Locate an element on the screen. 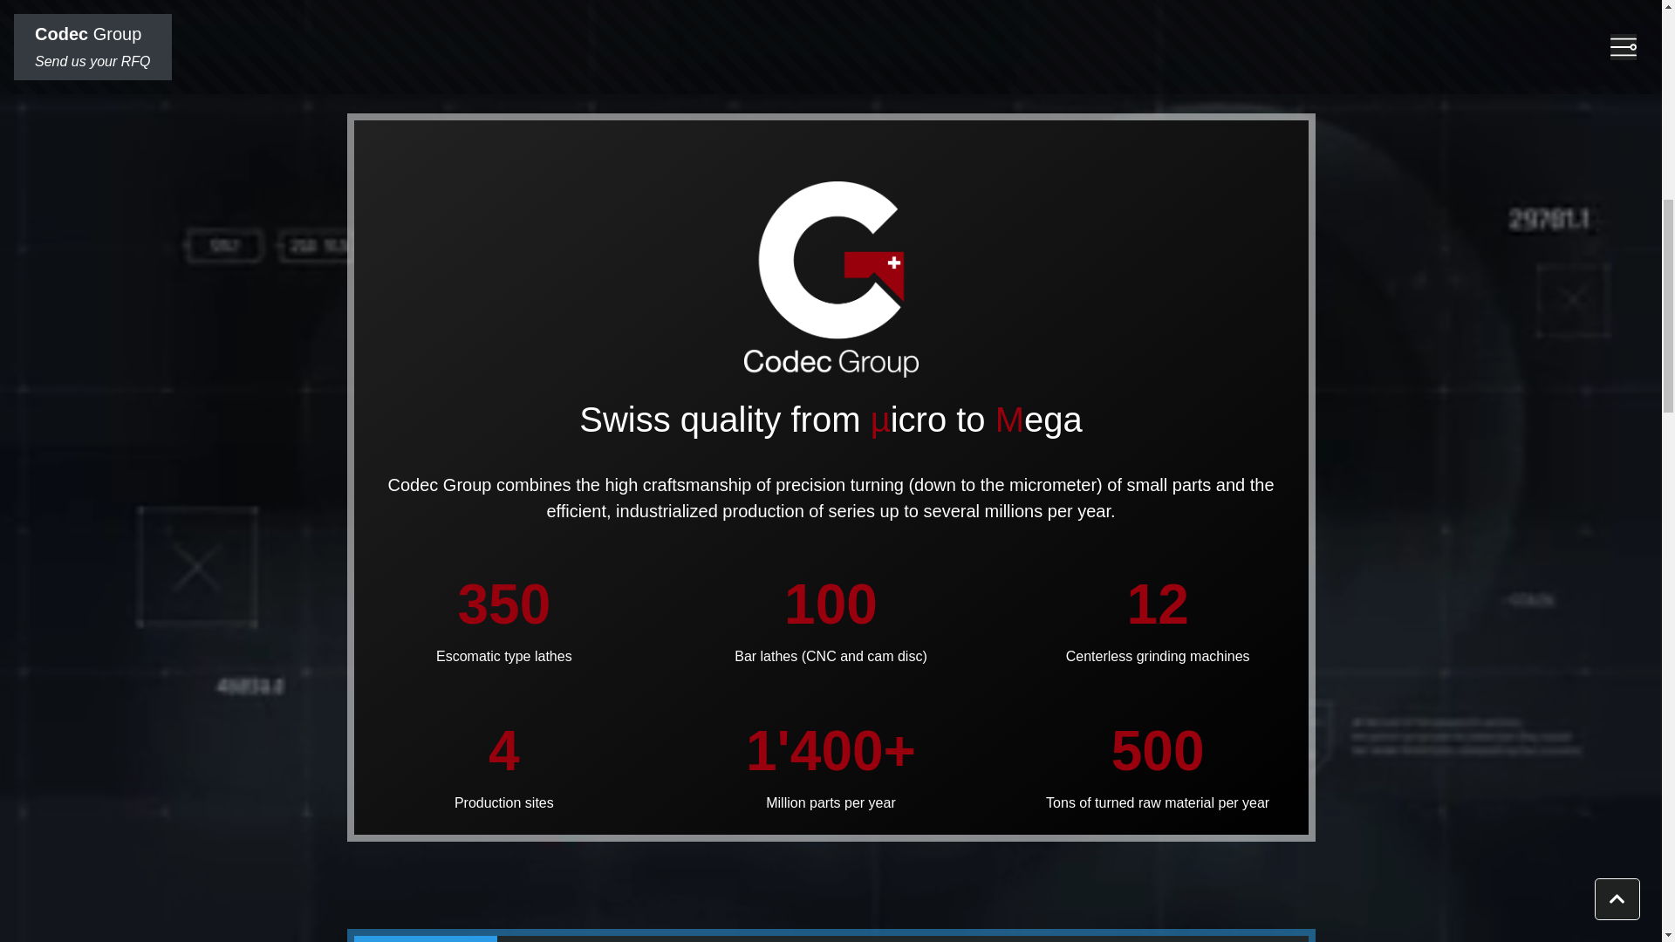  'Codec Group is located at coordinates (92, 46).